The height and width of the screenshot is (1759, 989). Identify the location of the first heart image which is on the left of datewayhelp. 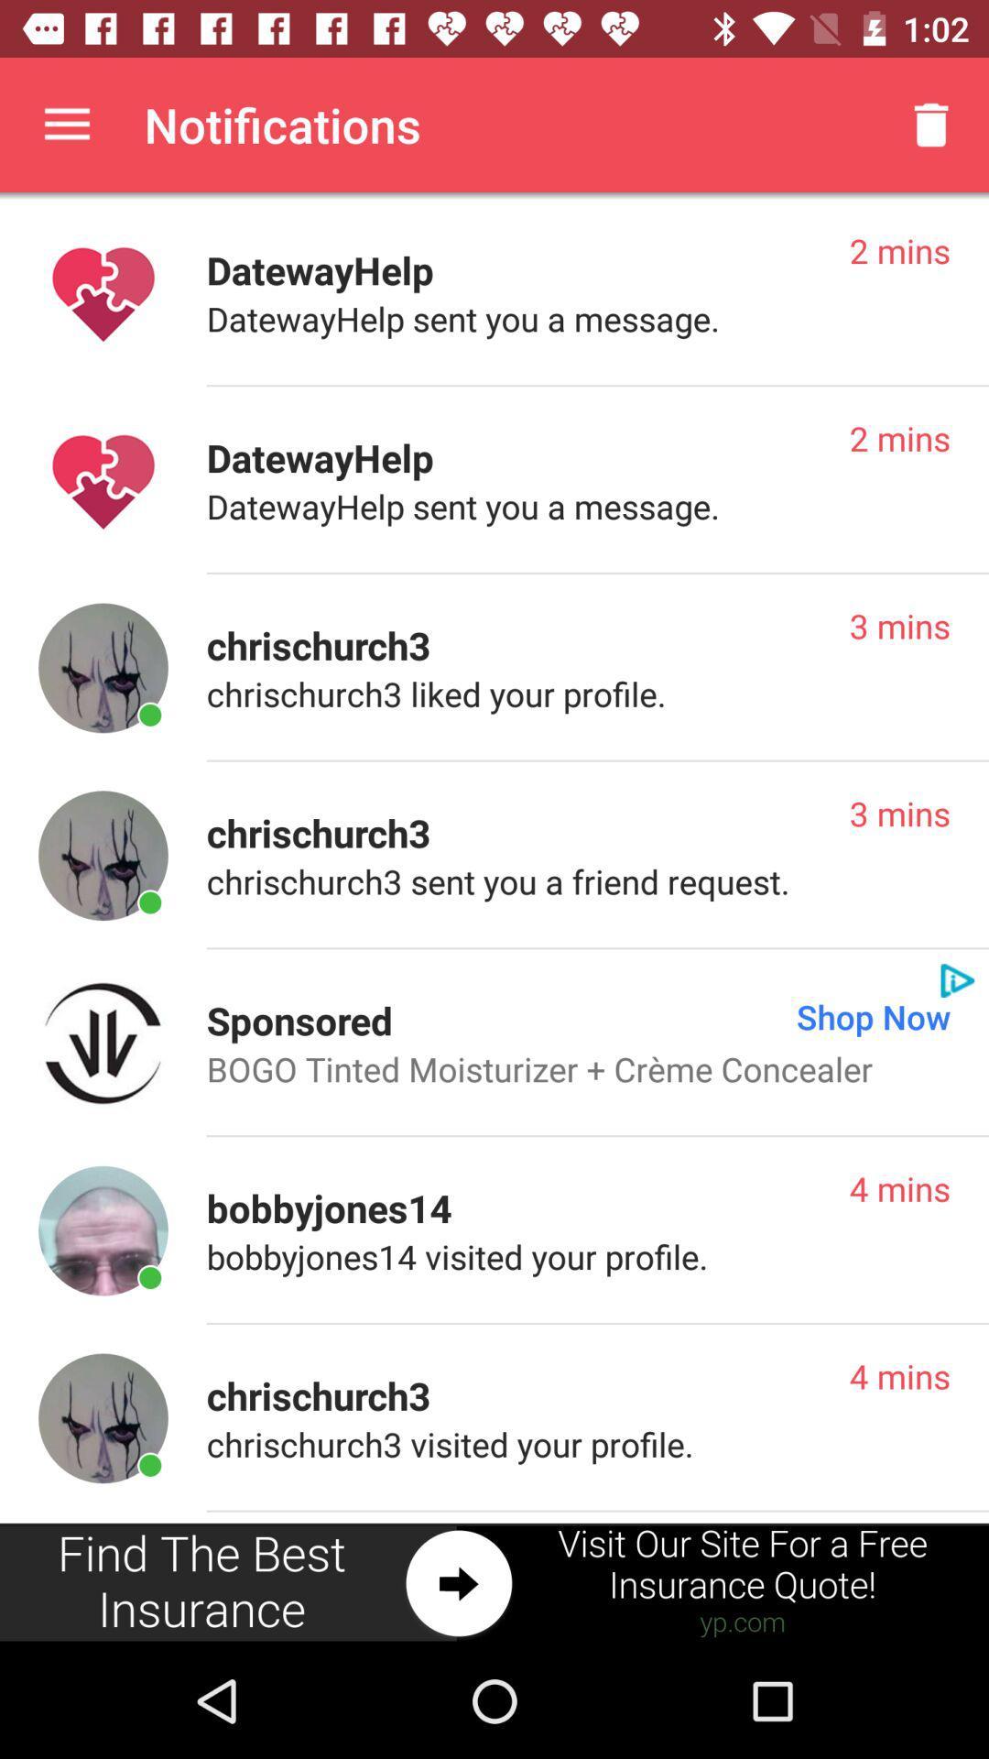
(103, 293).